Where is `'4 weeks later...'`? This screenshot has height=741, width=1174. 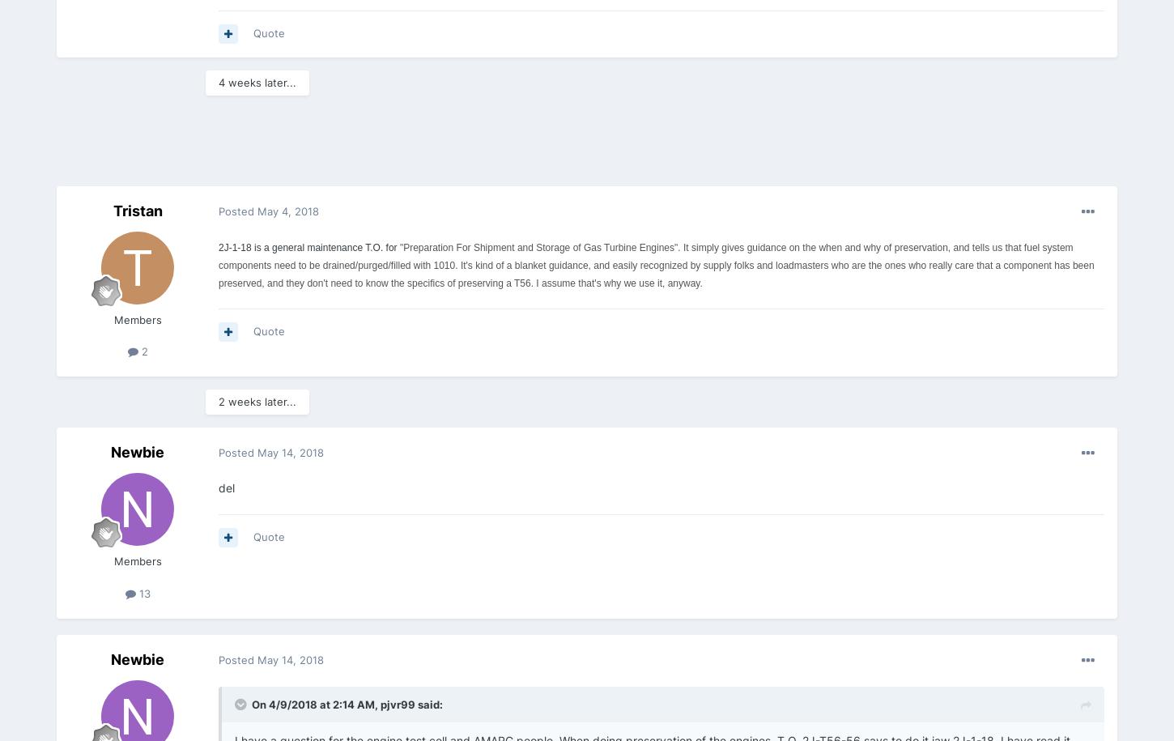 '4 weeks later...' is located at coordinates (257, 81).